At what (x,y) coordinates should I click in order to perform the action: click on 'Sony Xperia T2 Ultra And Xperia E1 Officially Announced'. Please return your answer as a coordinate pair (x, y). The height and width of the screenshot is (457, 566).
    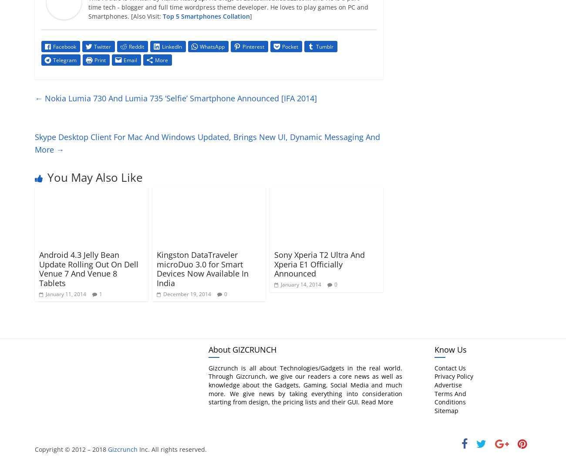
    Looking at the image, I should click on (274, 264).